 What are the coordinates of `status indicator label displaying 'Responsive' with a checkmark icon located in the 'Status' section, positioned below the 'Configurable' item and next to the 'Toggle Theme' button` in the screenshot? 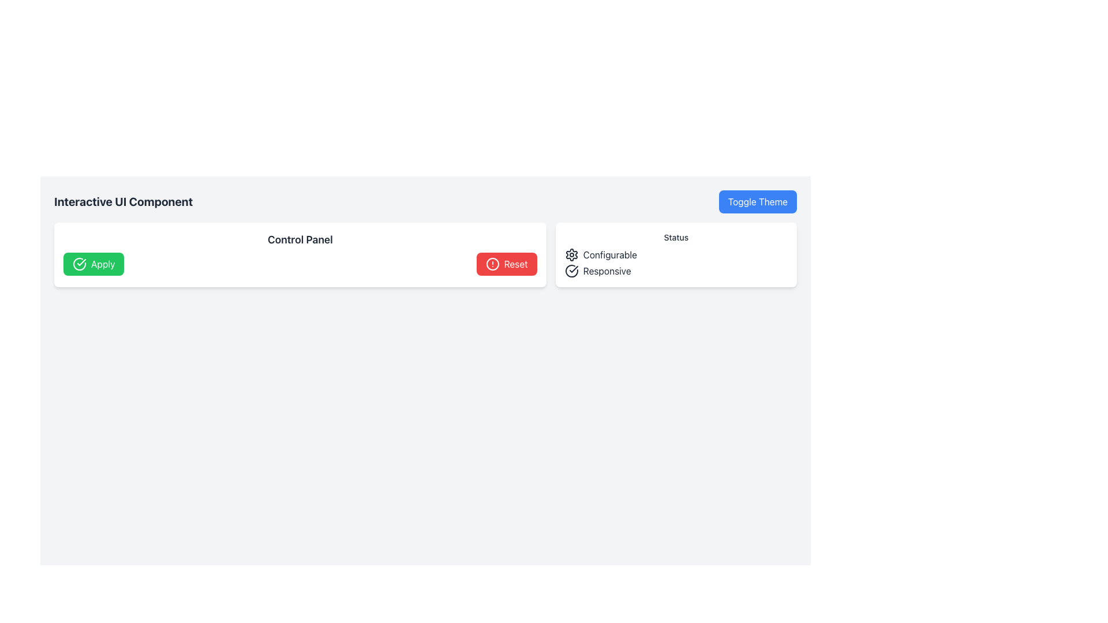 It's located at (676, 271).